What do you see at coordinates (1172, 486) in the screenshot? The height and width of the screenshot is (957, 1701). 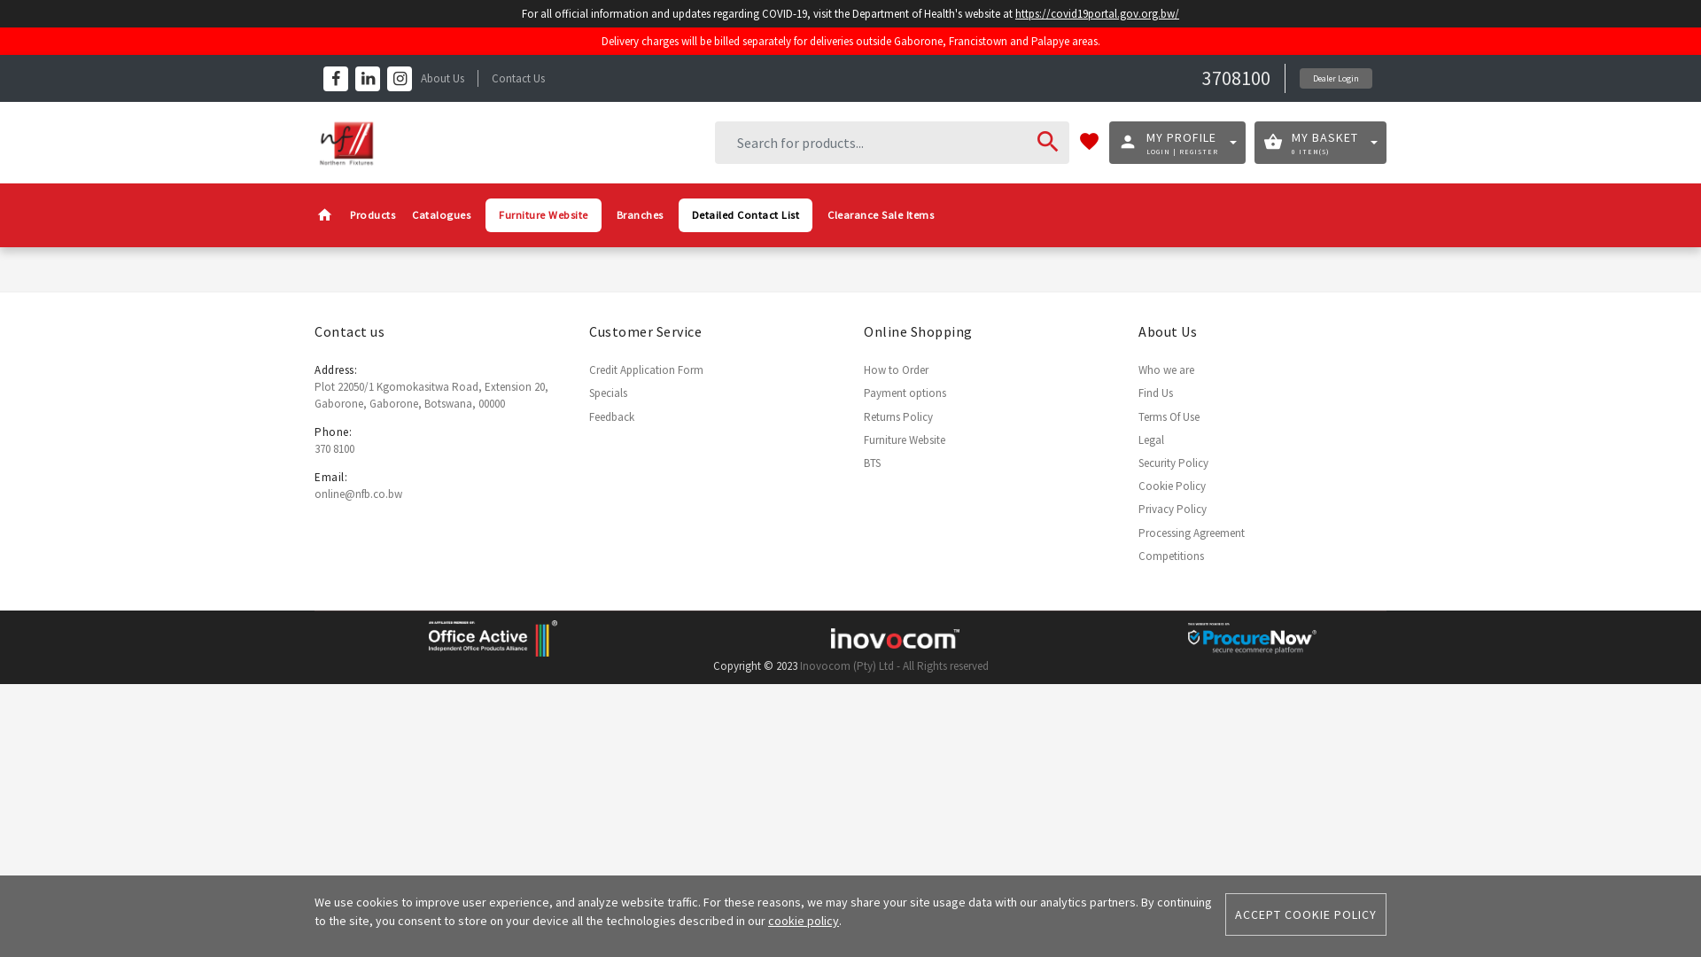 I see `'Cookie Policy'` at bounding box center [1172, 486].